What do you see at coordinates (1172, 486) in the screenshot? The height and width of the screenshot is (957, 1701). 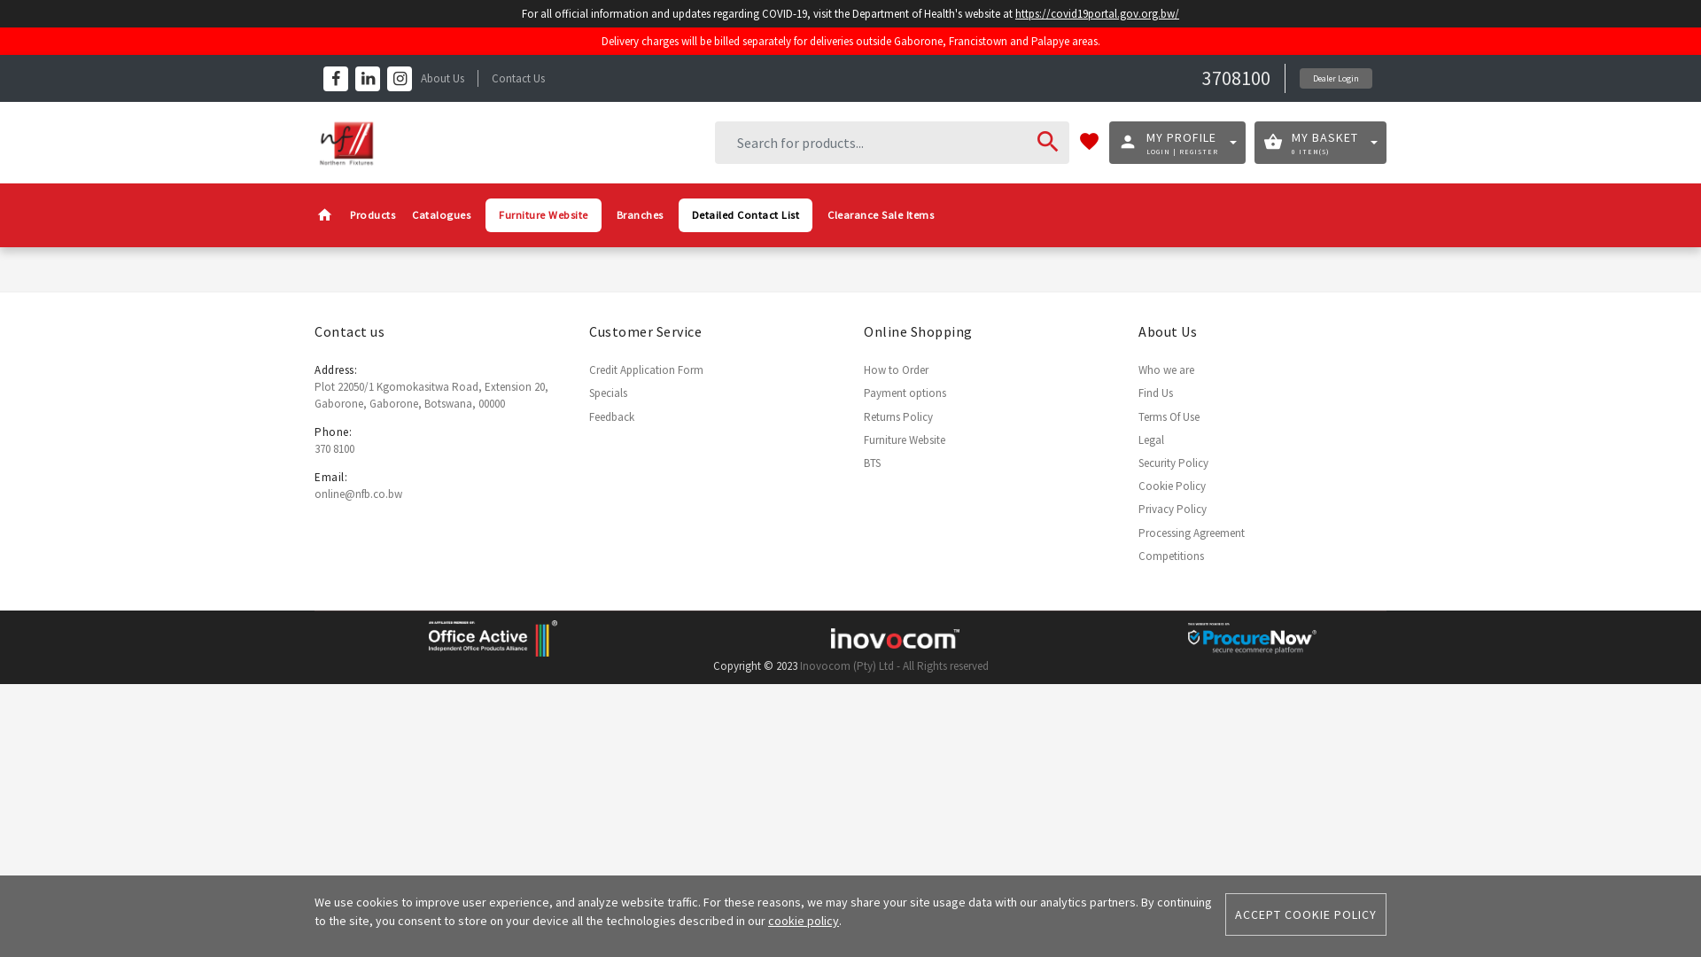 I see `'Cookie Policy'` at bounding box center [1172, 486].